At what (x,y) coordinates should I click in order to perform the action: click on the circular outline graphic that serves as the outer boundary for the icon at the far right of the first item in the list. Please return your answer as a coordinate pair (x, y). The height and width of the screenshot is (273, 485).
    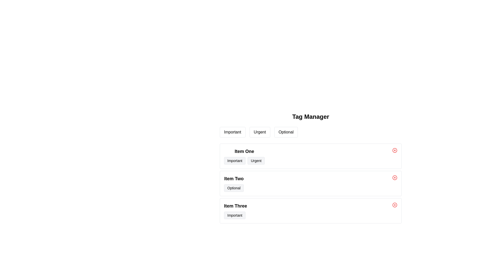
    Looking at the image, I should click on (395, 150).